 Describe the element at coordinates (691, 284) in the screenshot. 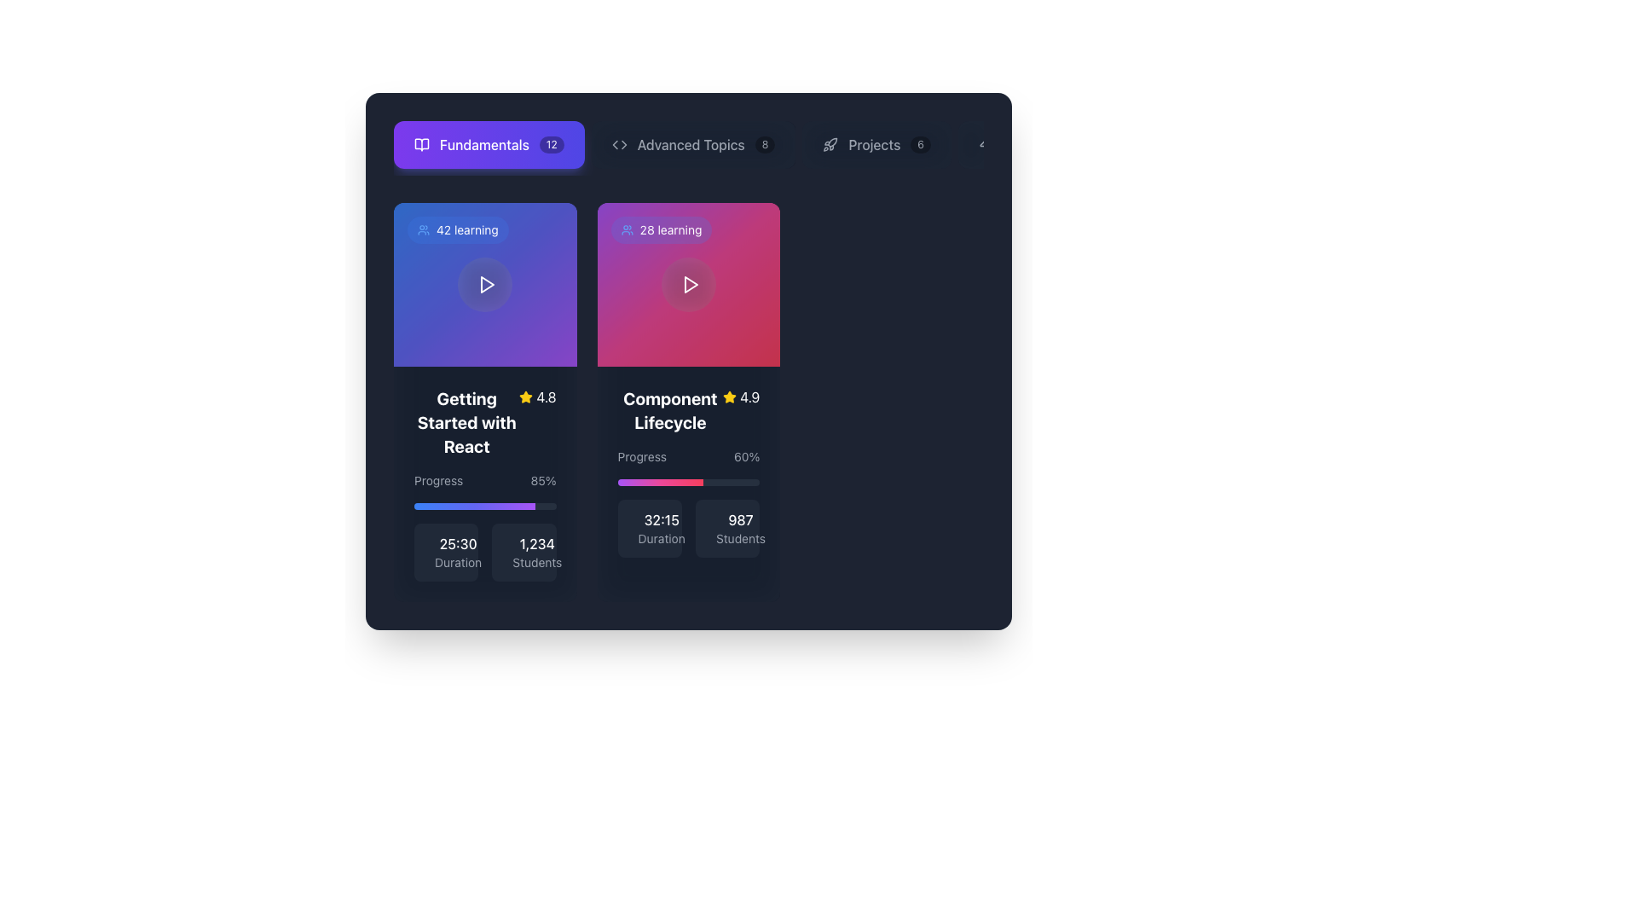

I see `the triangular play icon rendered in white, which is located in the light red circular area of the second rectangular card in the application` at that location.